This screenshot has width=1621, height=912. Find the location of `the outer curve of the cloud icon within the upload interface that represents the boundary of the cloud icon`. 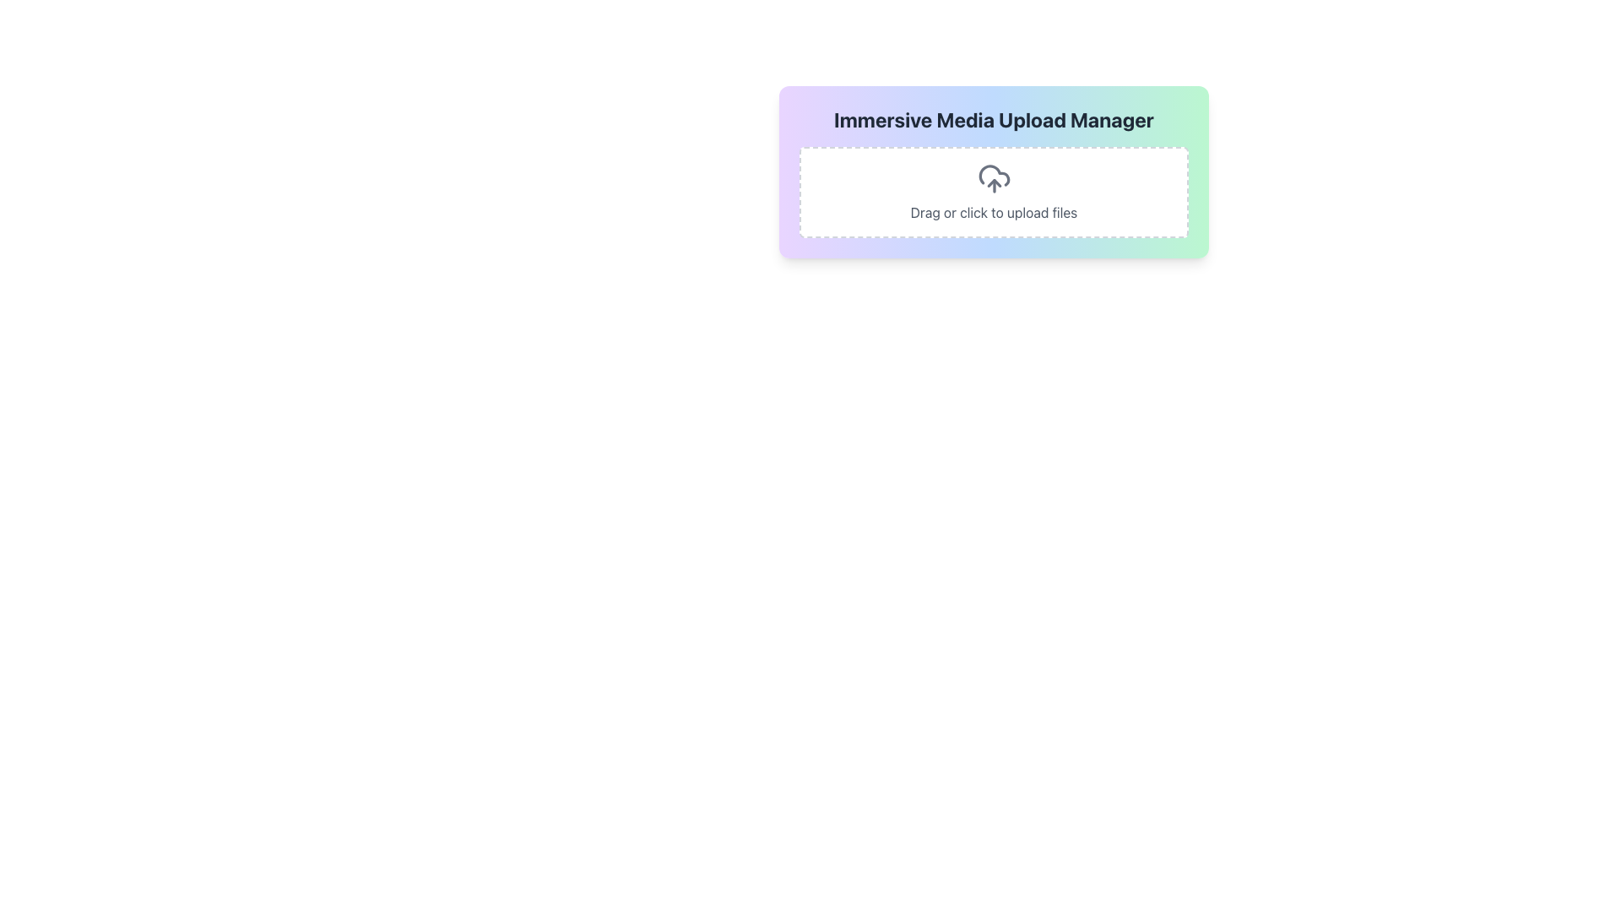

the outer curve of the cloud icon within the upload interface that represents the boundary of the cloud icon is located at coordinates (994, 176).